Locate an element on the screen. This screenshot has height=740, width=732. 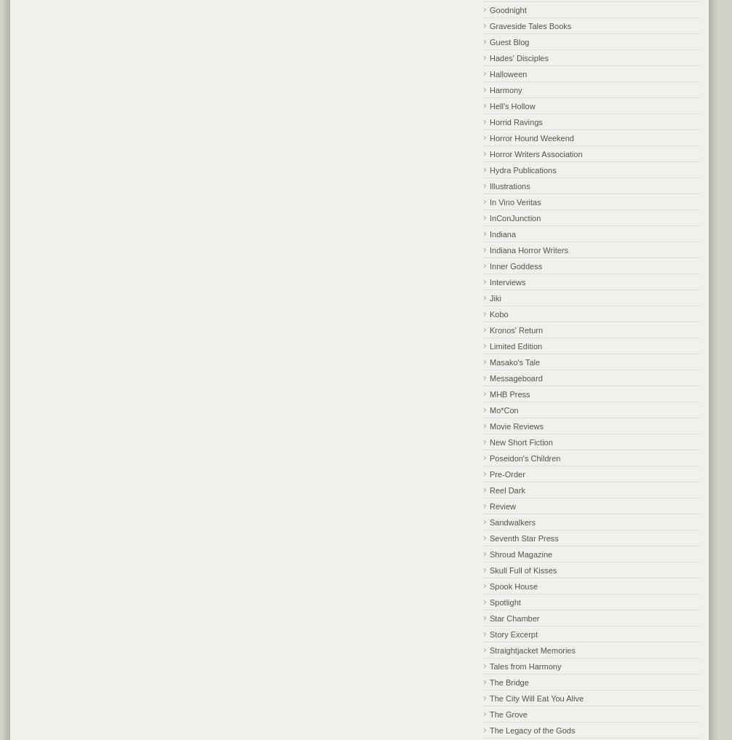
'Seventh Star Press' is located at coordinates (523, 537).